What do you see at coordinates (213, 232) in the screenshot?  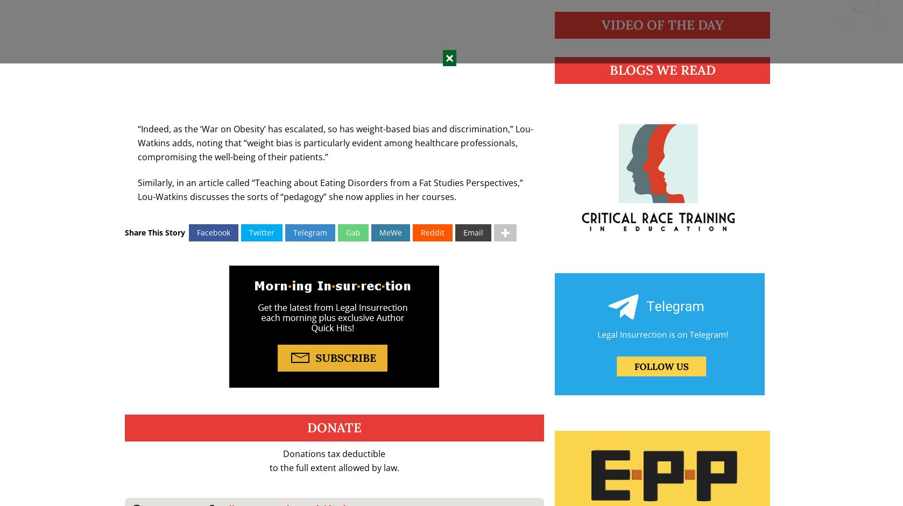 I see `'Facebook'` at bounding box center [213, 232].